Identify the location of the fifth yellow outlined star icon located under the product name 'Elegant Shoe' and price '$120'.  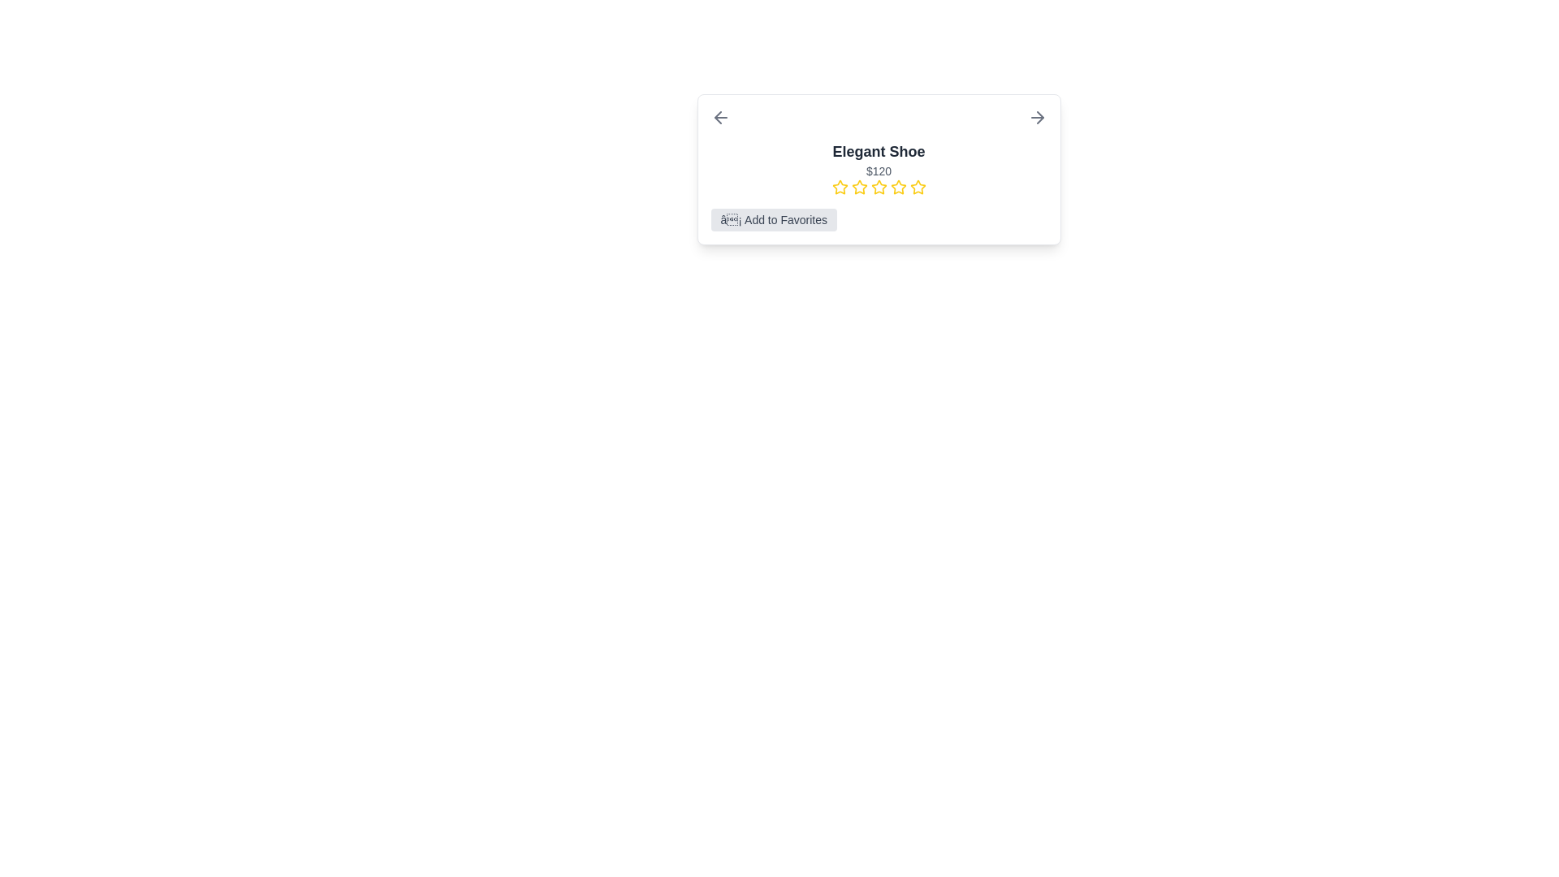
(918, 187).